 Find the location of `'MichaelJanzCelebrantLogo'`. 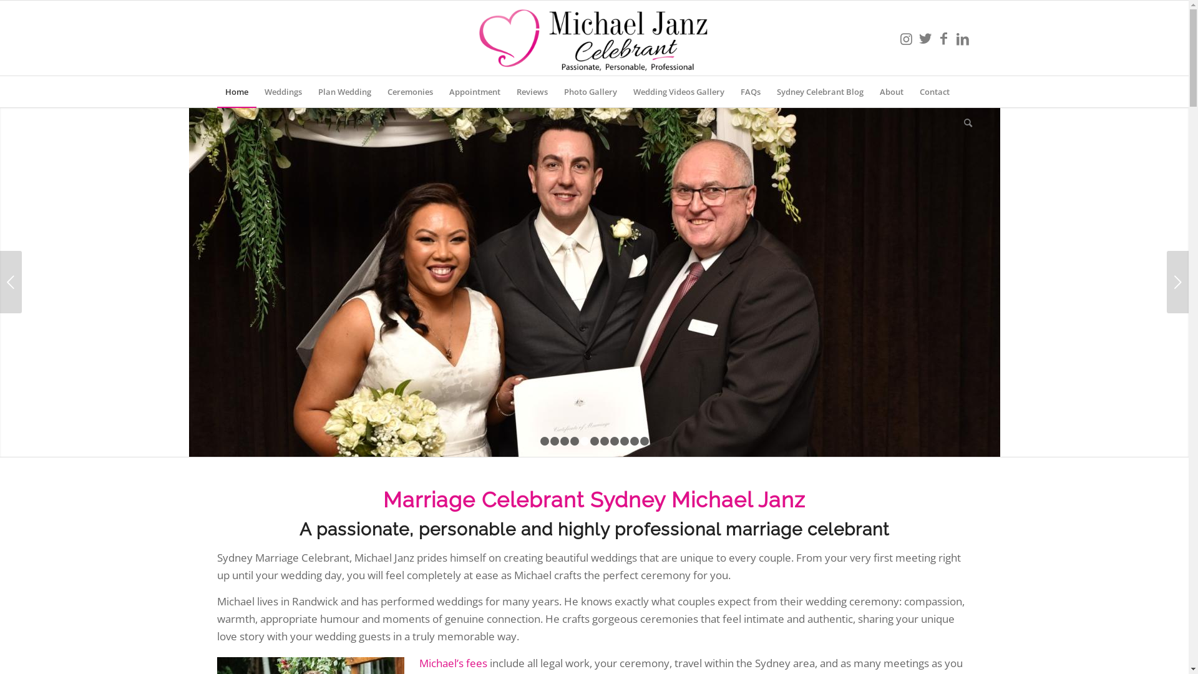

'MichaelJanzCelebrantLogo' is located at coordinates (593, 37).